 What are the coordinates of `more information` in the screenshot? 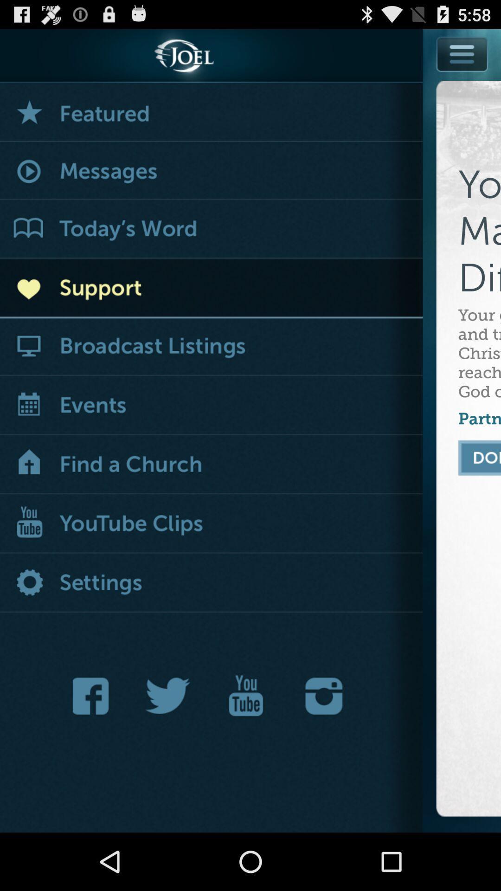 It's located at (462, 53).